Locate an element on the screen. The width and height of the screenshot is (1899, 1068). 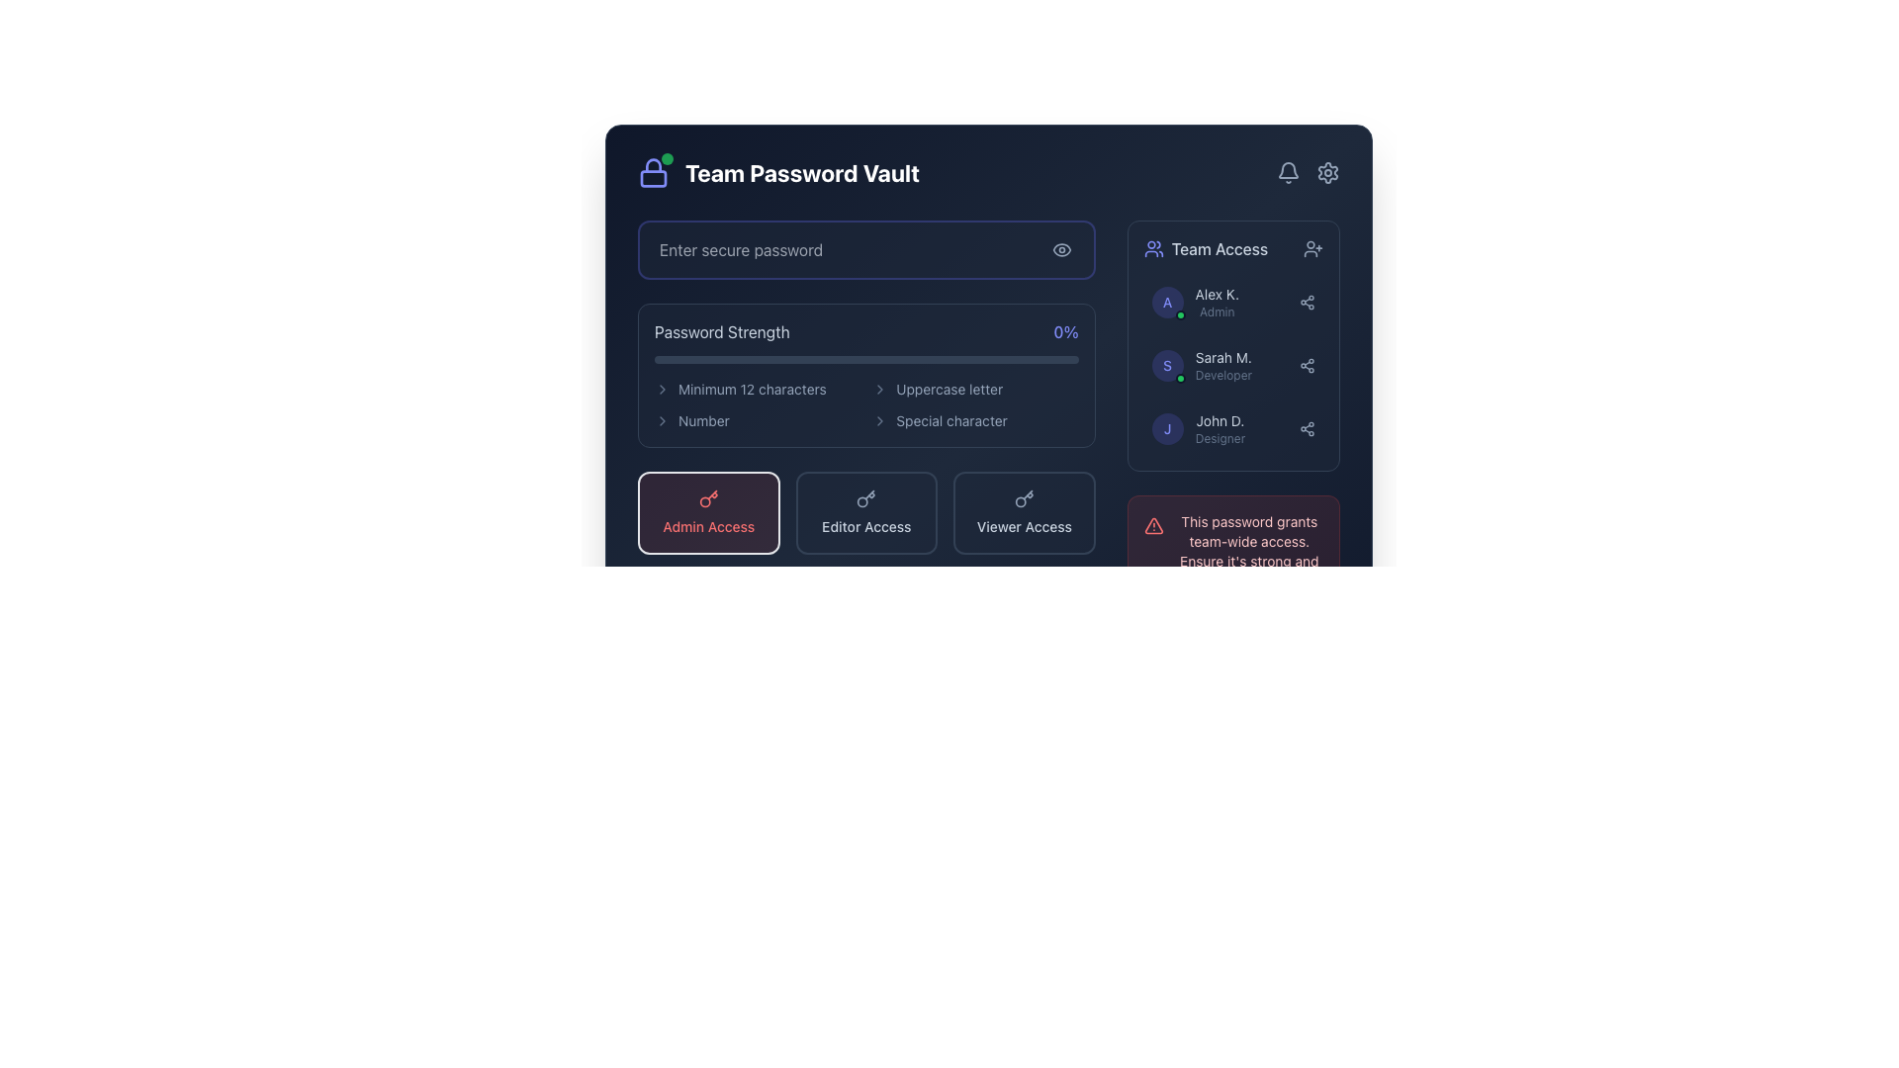
the circular button with an eye icon on the right side of the password input field is located at coordinates (1060, 249).